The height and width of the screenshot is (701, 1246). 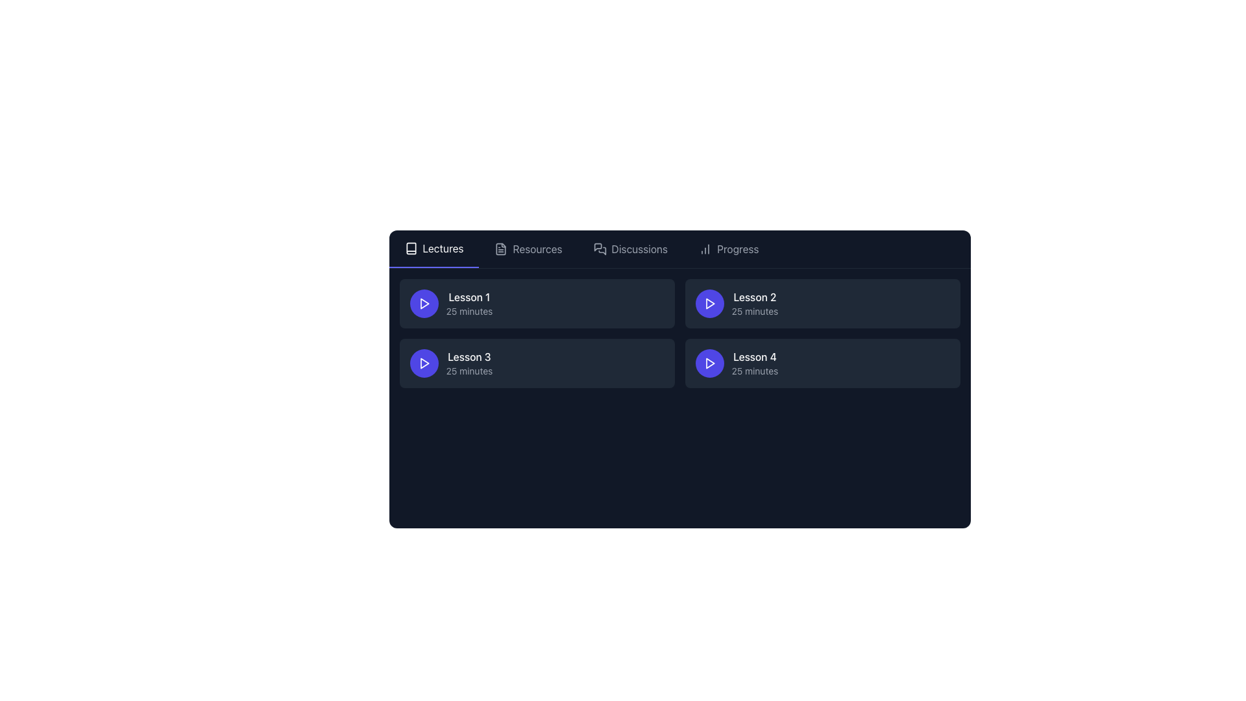 I want to click on text content of the lesson title label located in the first card of the grid layout, positioned above the duration text indicating '25 minutes', so click(x=469, y=297).